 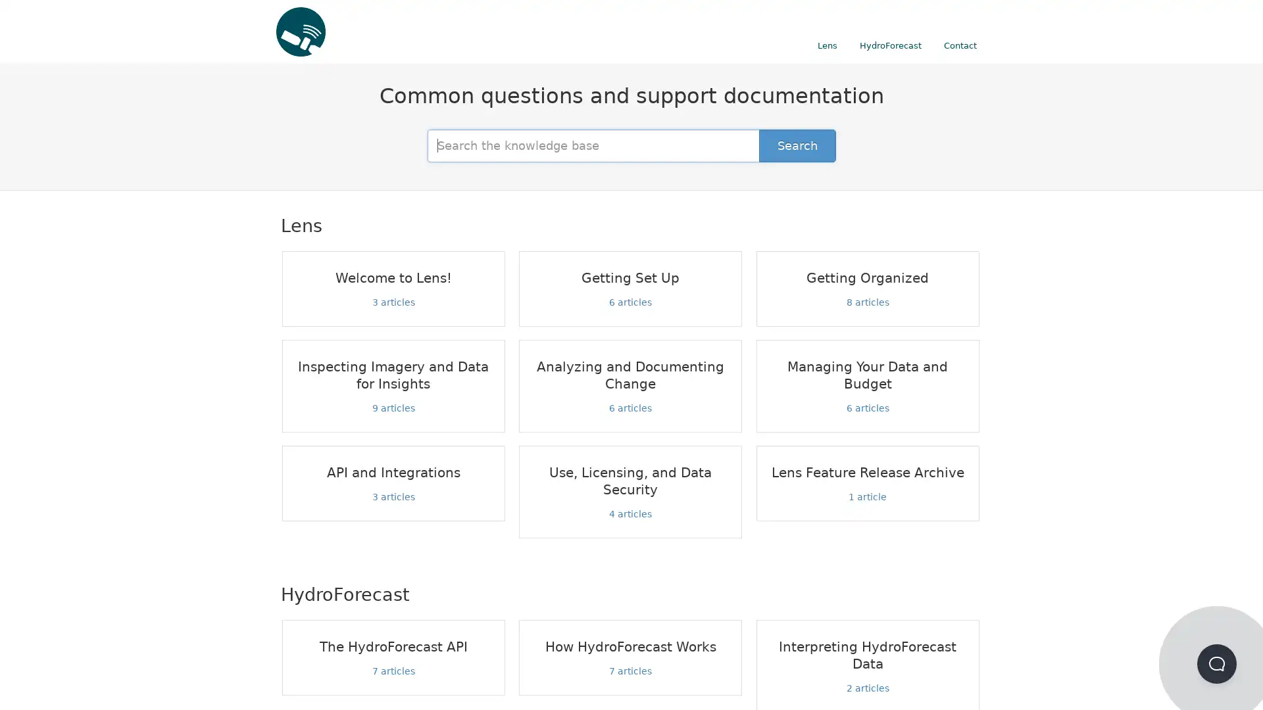 I want to click on Search, so click(x=797, y=145).